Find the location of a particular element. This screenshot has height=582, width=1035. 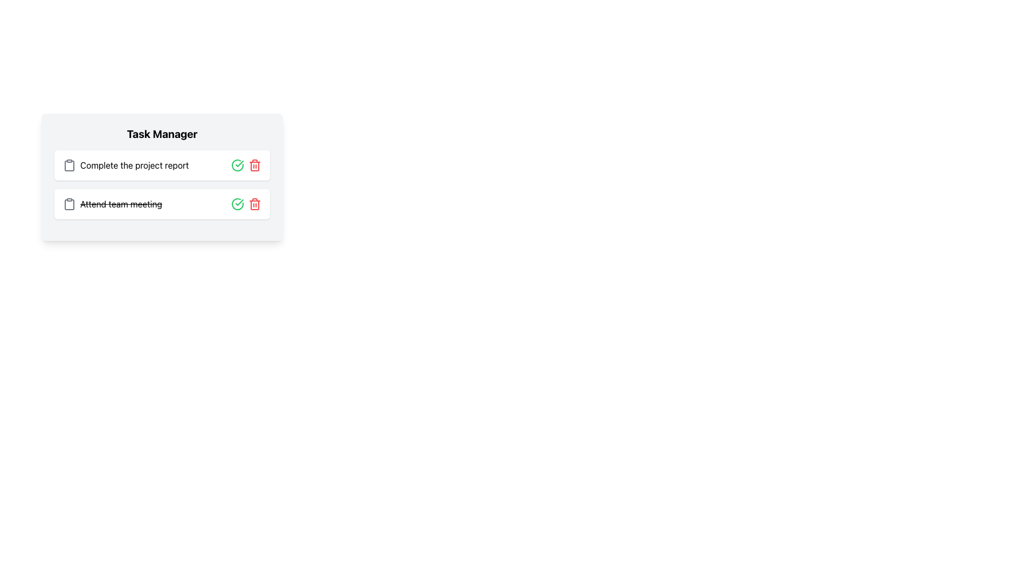

the clipboard icon representing the second task entry for 'Attend team meeting' in the task management interface is located at coordinates (69, 205).